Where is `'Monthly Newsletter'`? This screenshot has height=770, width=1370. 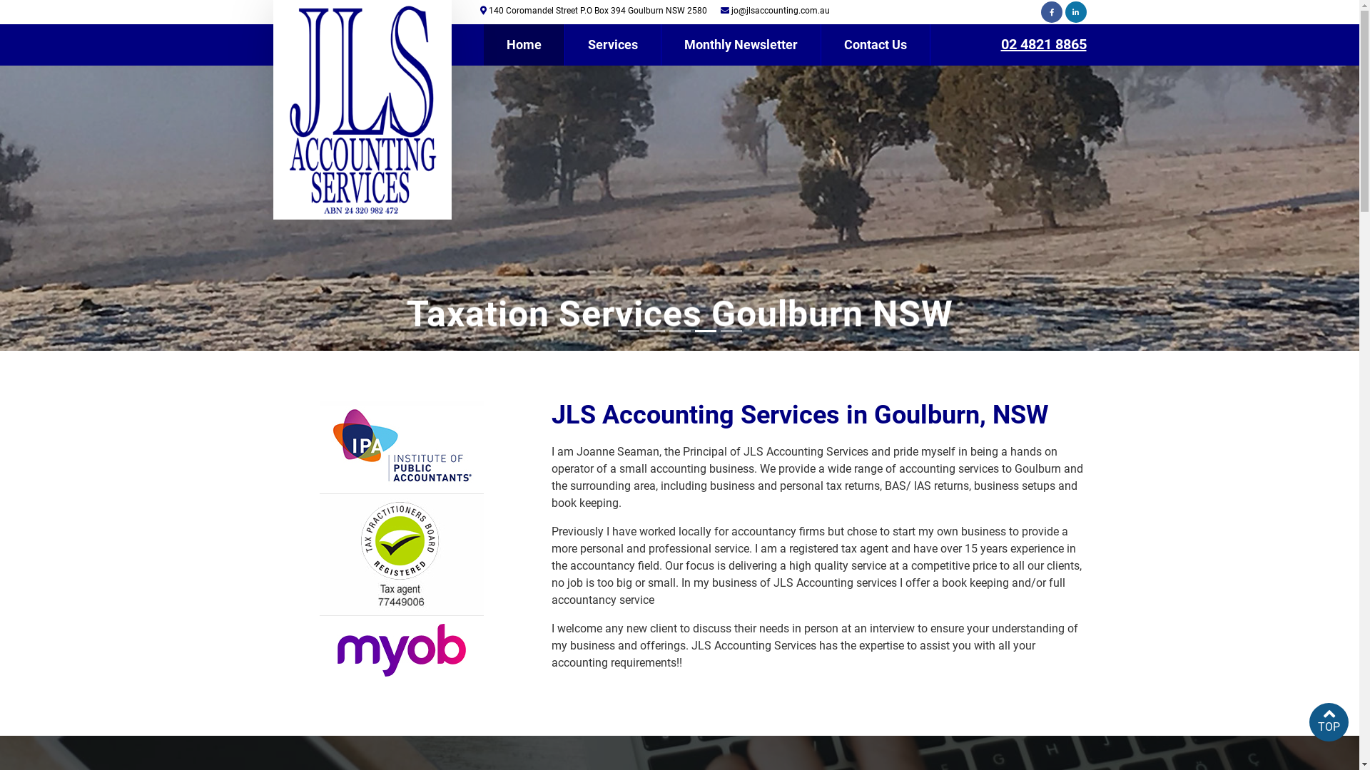
'Monthly Newsletter' is located at coordinates (740, 43).